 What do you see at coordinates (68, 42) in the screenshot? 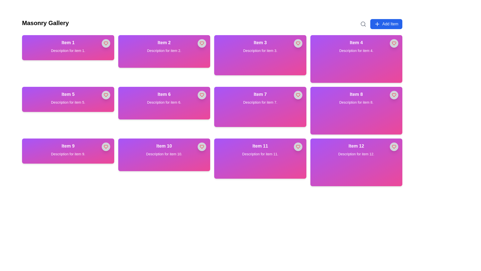
I see `the text label displaying 'Item 1' which is prominently styled and located at the top-center of the first card in the gallery grid layout` at bounding box center [68, 42].